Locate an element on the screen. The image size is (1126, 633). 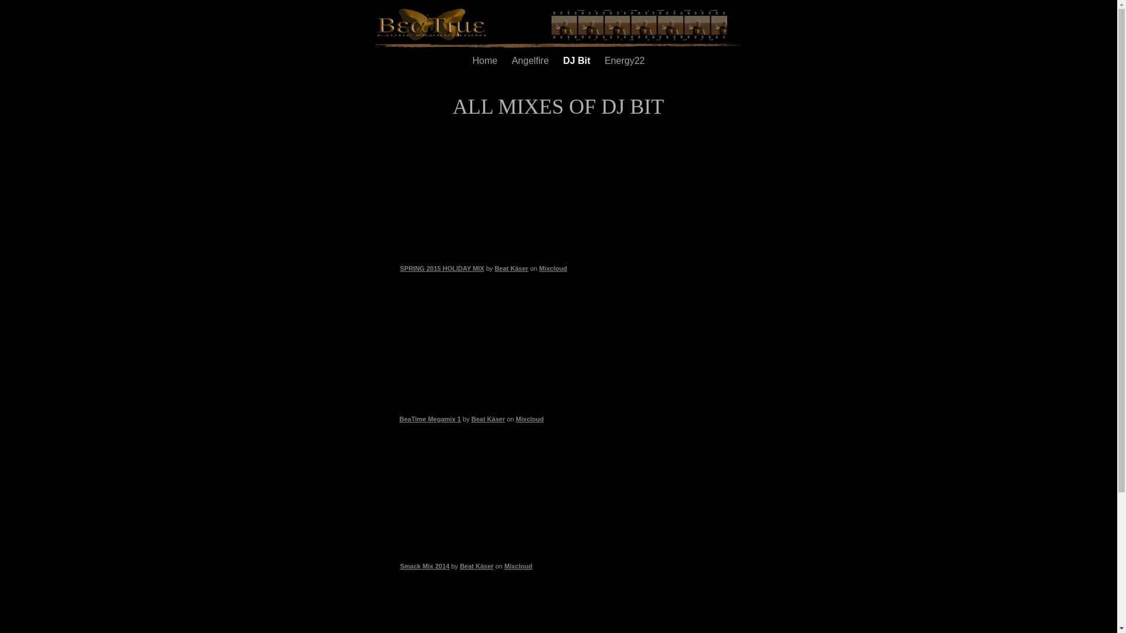
'Angelfire' is located at coordinates (531, 60).